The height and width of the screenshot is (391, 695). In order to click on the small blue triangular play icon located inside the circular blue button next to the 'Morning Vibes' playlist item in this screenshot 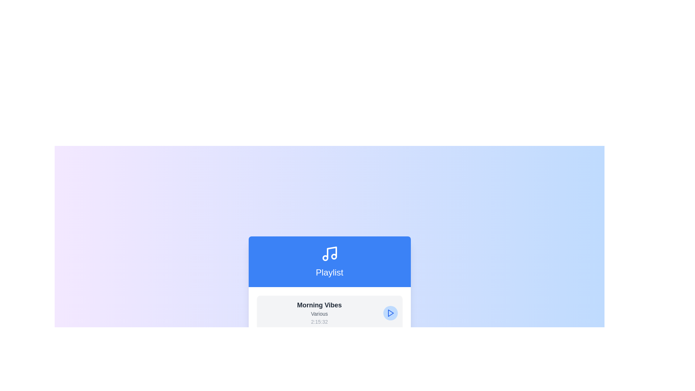, I will do `click(390, 312)`.